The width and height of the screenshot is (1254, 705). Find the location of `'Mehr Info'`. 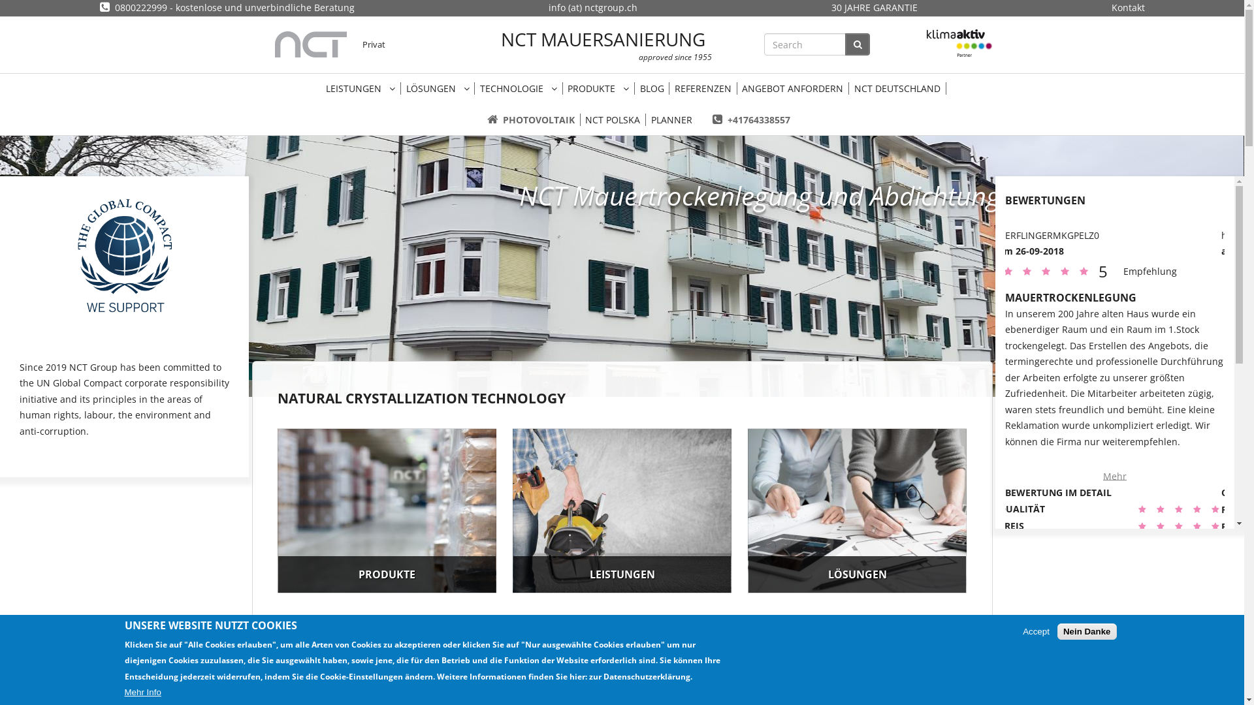

'Mehr Info' is located at coordinates (142, 691).